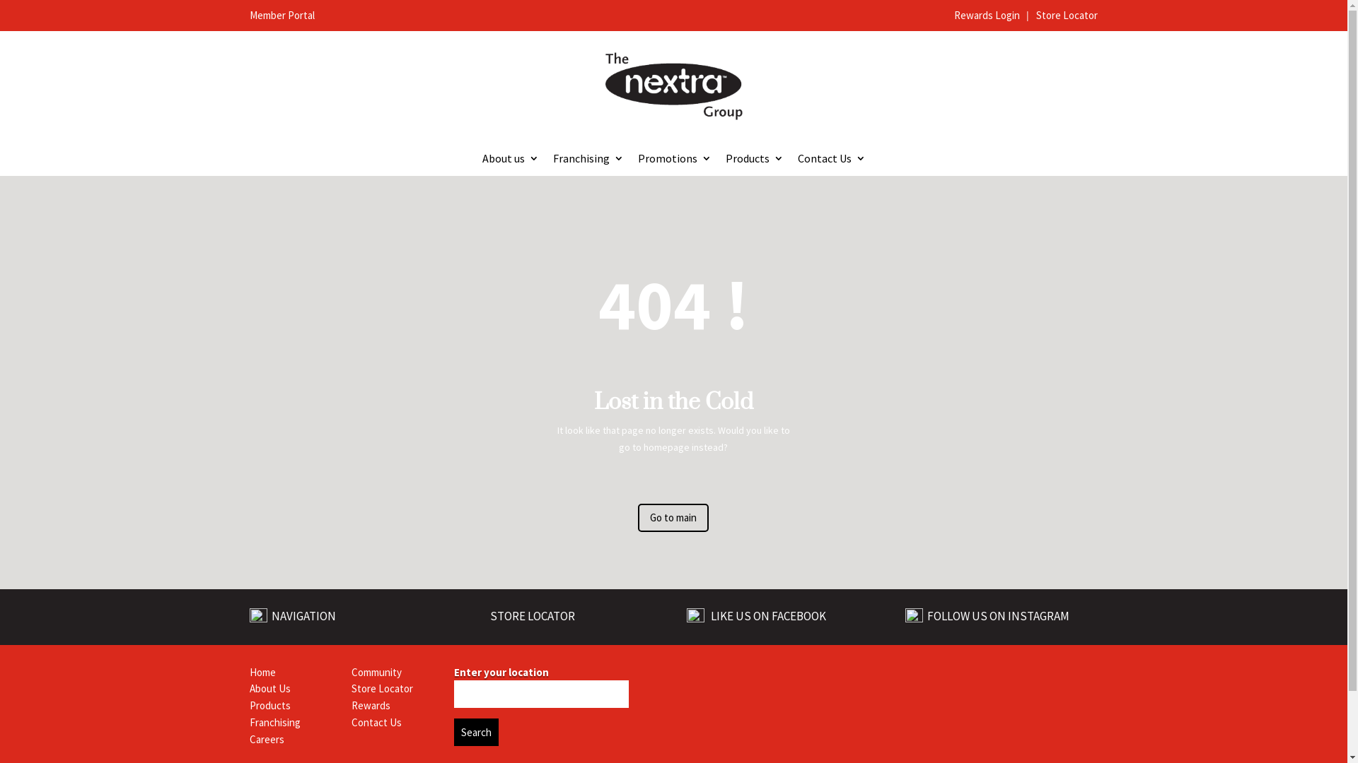 The width and height of the screenshot is (1358, 763). What do you see at coordinates (476, 731) in the screenshot?
I see `'Search'` at bounding box center [476, 731].